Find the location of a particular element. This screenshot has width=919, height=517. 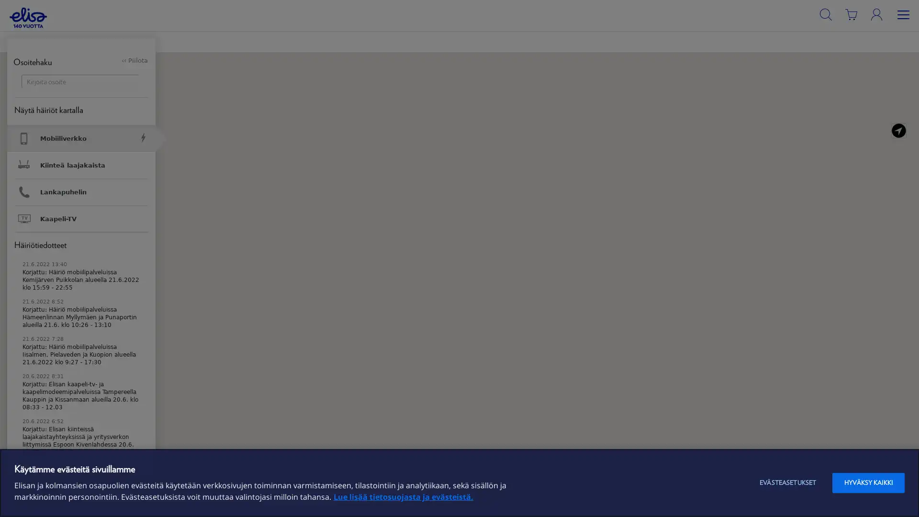

Koko nayton nakyma paalle/pois is located at coordinates (904, 114).